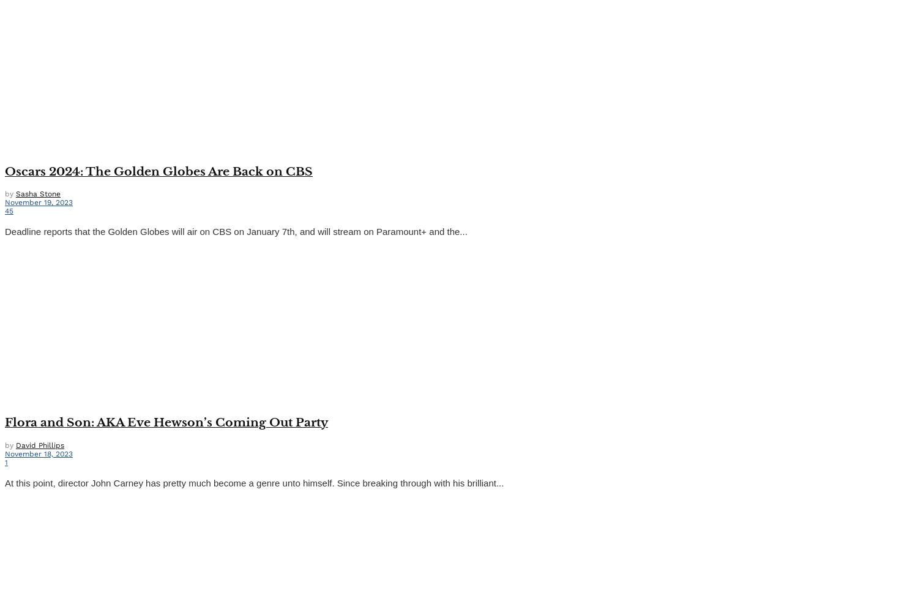 The image size is (918, 607). Describe the element at coordinates (4, 461) in the screenshot. I see `'1'` at that location.